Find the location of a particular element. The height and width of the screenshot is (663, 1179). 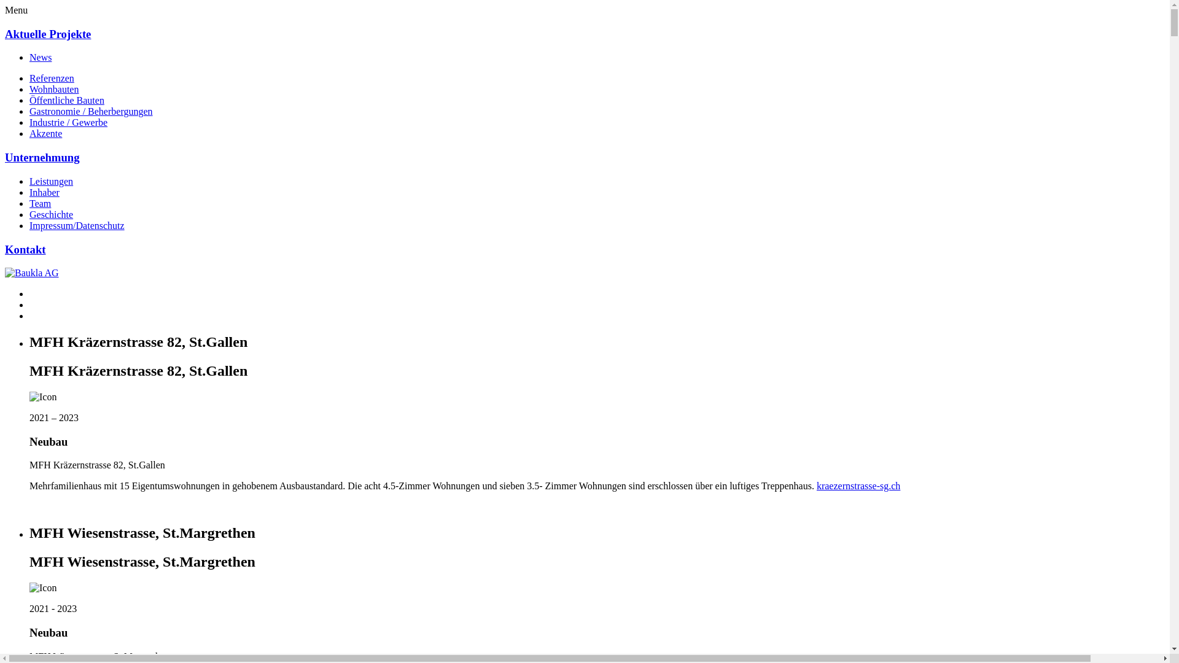

'kraezernstrasse-sg.ch' is located at coordinates (816, 485).